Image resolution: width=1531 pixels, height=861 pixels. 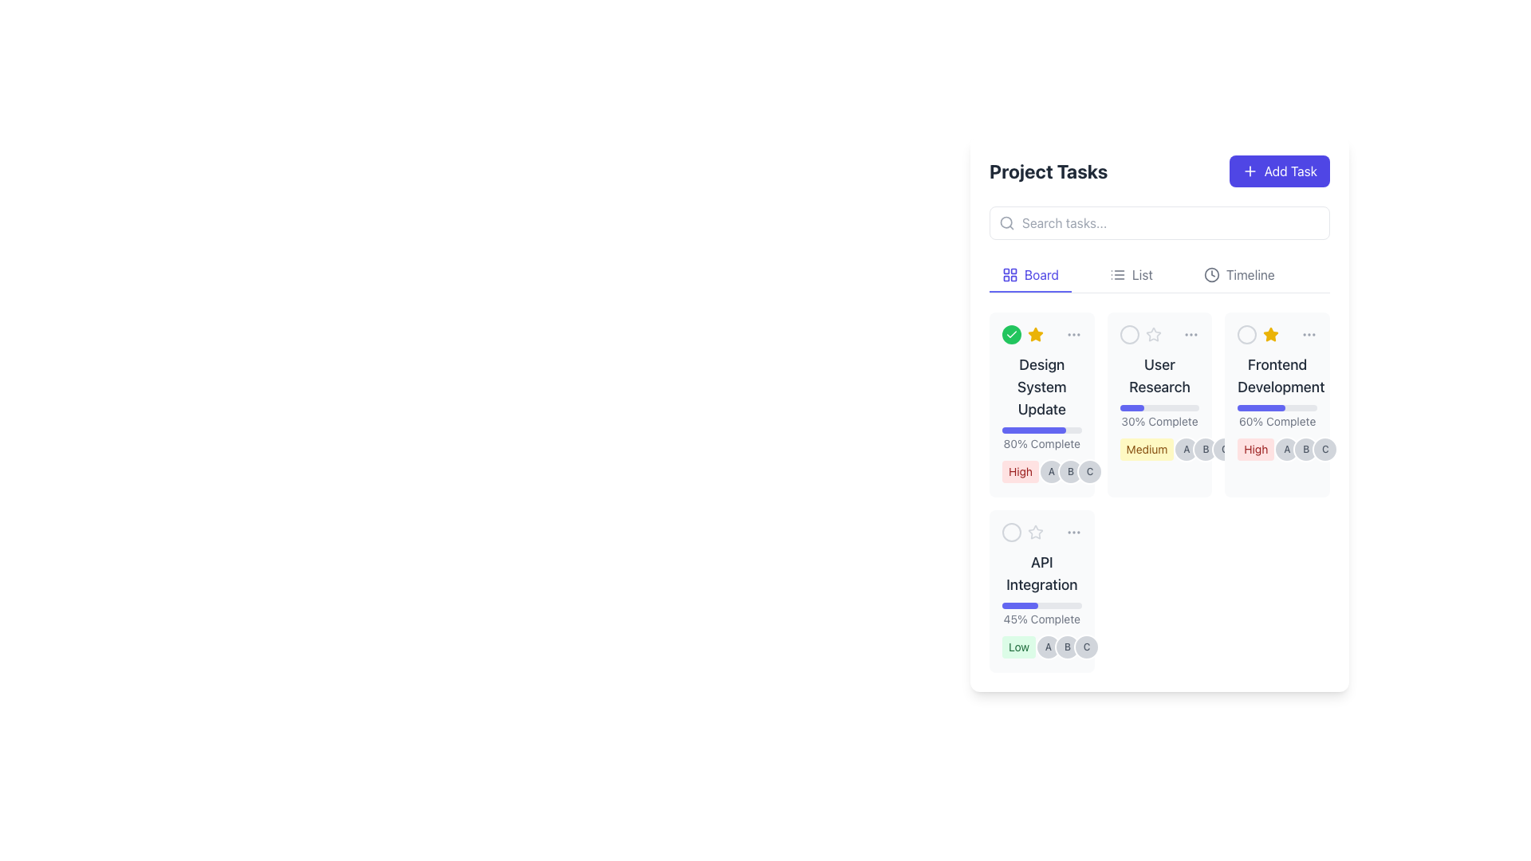 I want to click on the text label displaying '45% Complete' located below the progress bar in the task card titled 'API Integration', so click(x=1041, y=618).